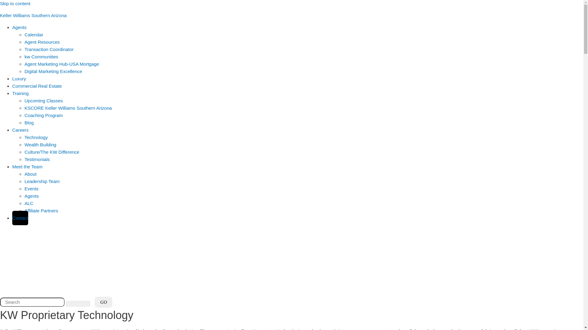 This screenshot has width=588, height=330. Describe the element at coordinates (24, 57) in the screenshot. I see `'kw Communities'` at that location.